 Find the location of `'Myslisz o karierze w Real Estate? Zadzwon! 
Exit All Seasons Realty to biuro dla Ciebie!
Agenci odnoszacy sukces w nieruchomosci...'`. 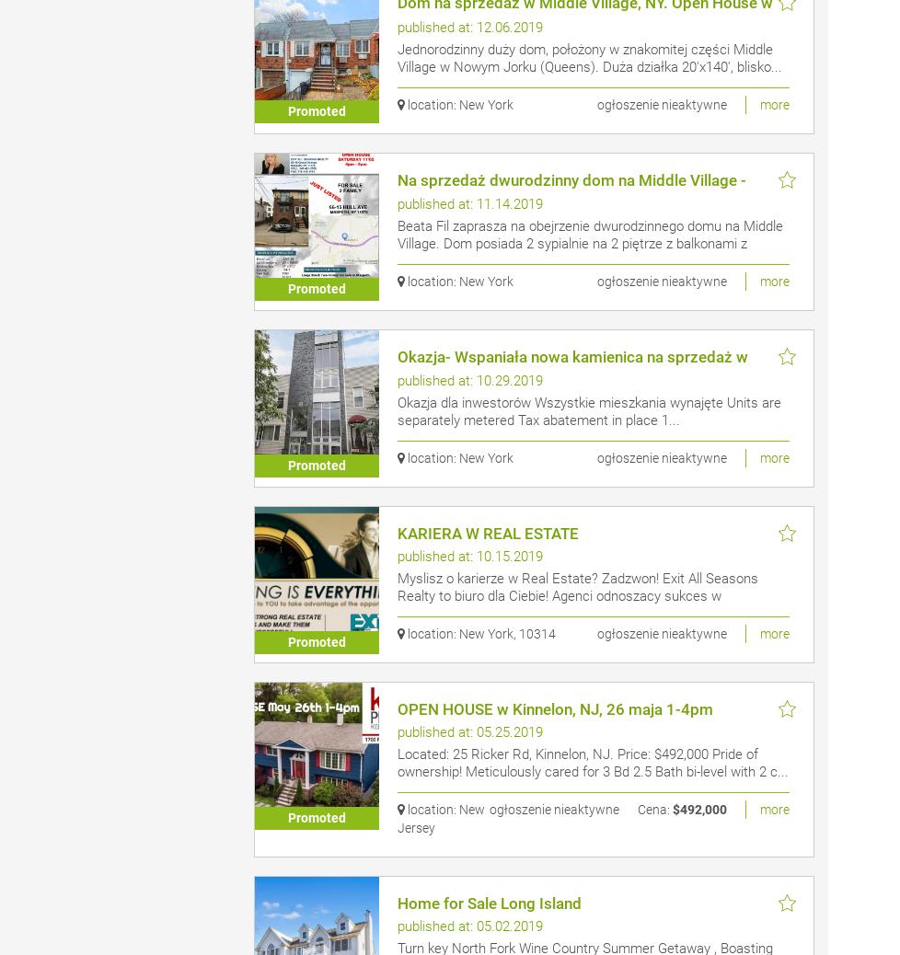

'Myslisz o karierze w Real Estate? Zadzwon! 
Exit All Seasons Realty to biuro dla Ciebie!
Agenci odnoszacy sukces w nieruchomosci...' is located at coordinates (576, 595).